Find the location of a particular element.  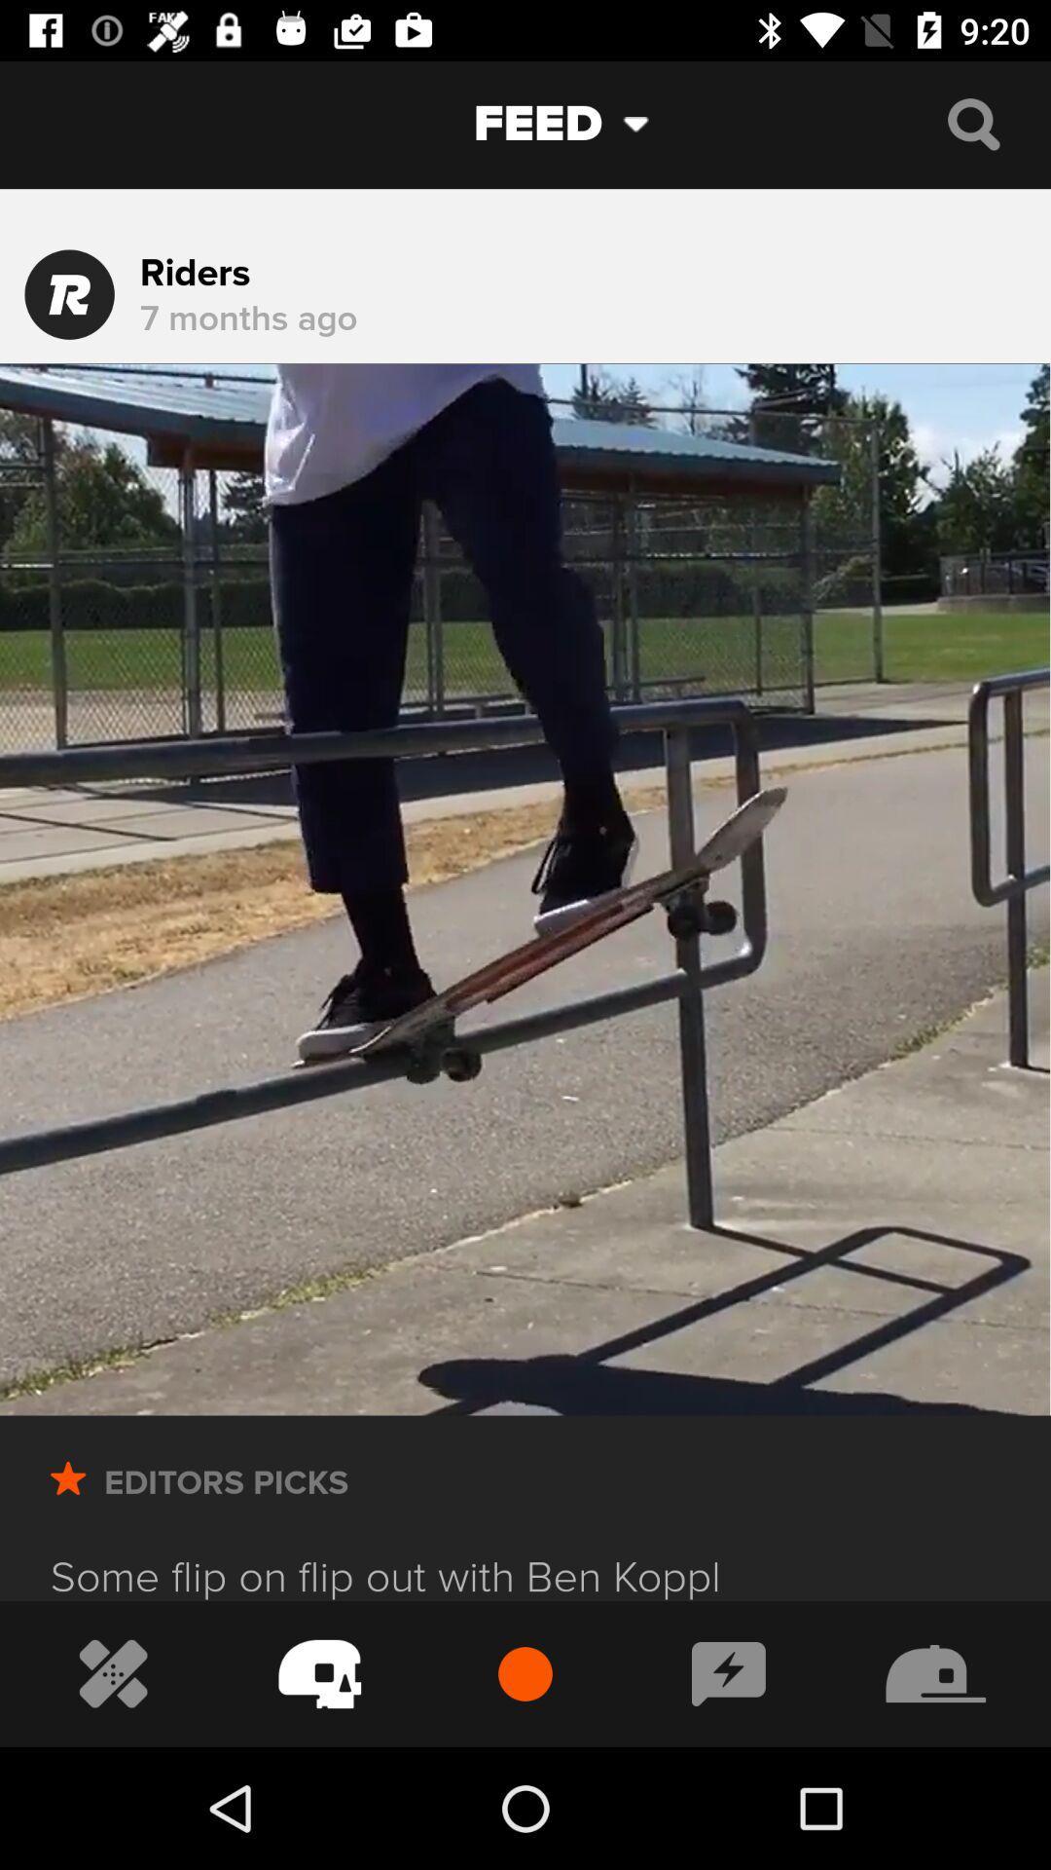

the star button is located at coordinates (67, 1505).